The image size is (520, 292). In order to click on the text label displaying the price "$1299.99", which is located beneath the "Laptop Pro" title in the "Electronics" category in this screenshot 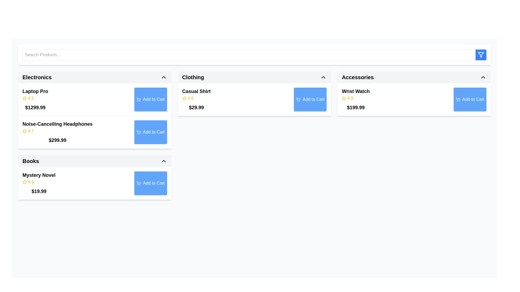, I will do `click(35, 107)`.